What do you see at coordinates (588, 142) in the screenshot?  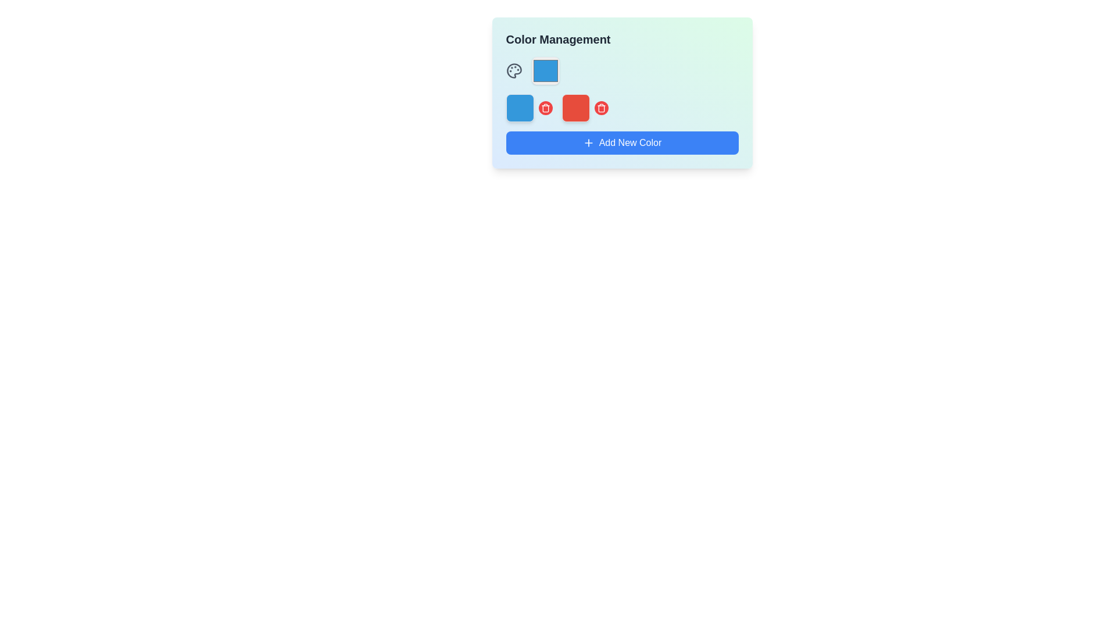 I see `the plus sign icon located to the left of the 'Add New Color' button` at bounding box center [588, 142].